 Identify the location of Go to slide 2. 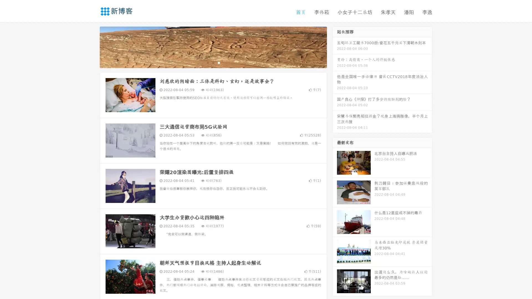
(213, 62).